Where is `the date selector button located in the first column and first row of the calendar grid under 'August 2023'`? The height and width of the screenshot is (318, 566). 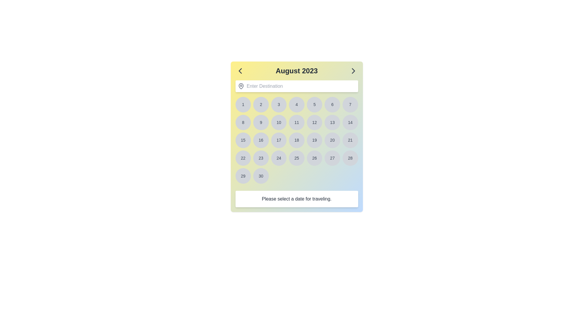
the date selector button located in the first column and first row of the calendar grid under 'August 2023' is located at coordinates (243, 104).